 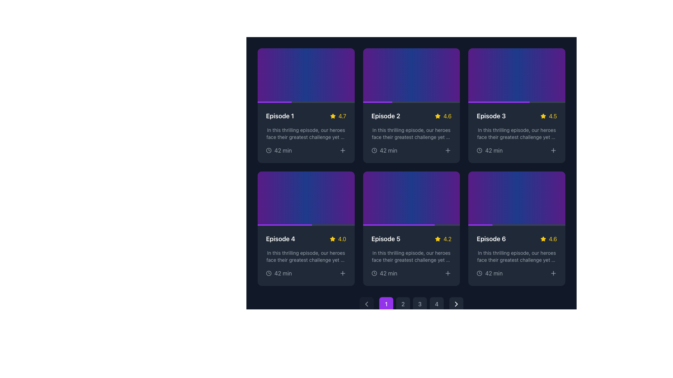 I want to click on the bold, yellow numeral '4.6' static text label located in the bottom-right corner of the card for 'Episode 6', to the right of a yellow star icon, so click(x=552, y=239).